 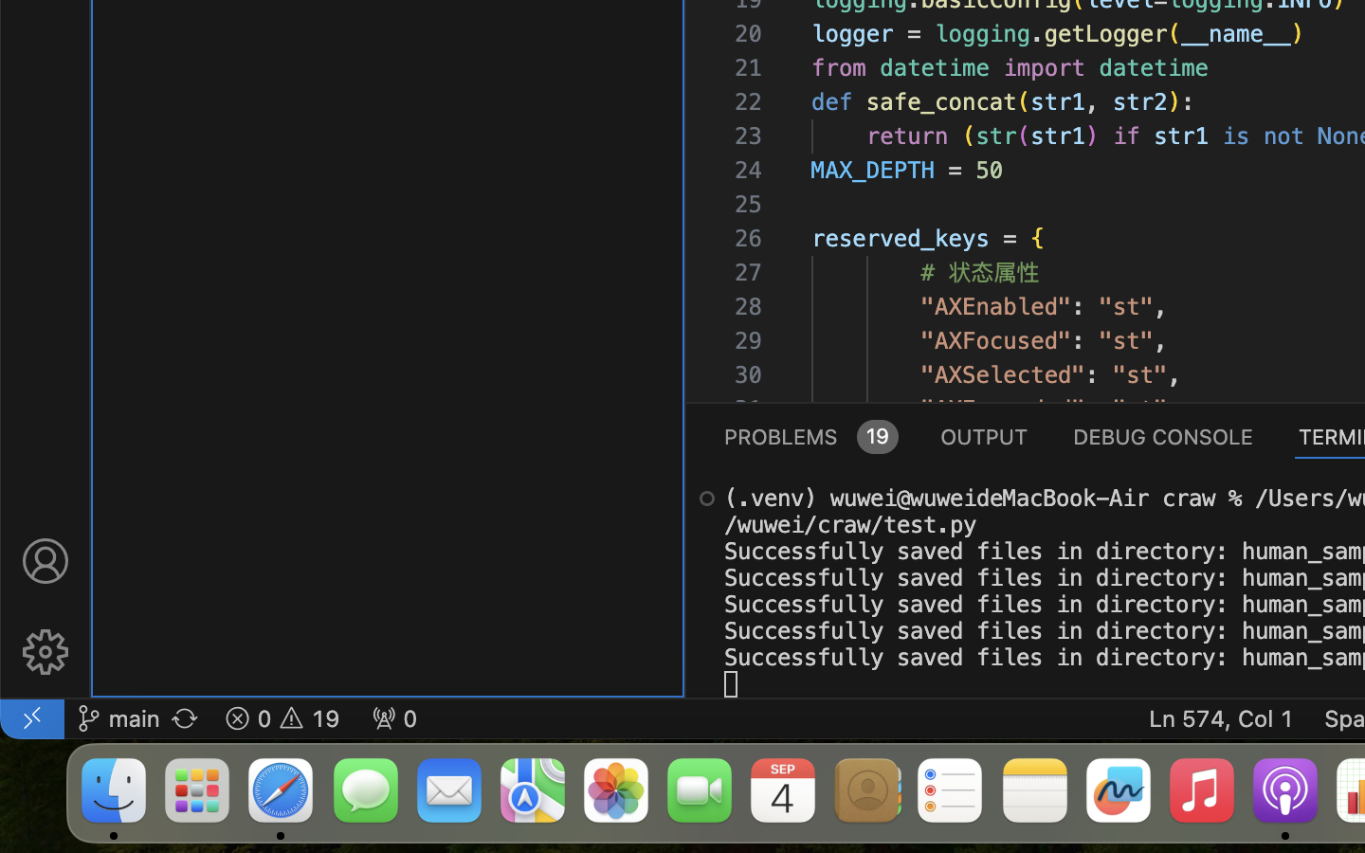 What do you see at coordinates (44, 561) in the screenshot?
I see `''` at bounding box center [44, 561].